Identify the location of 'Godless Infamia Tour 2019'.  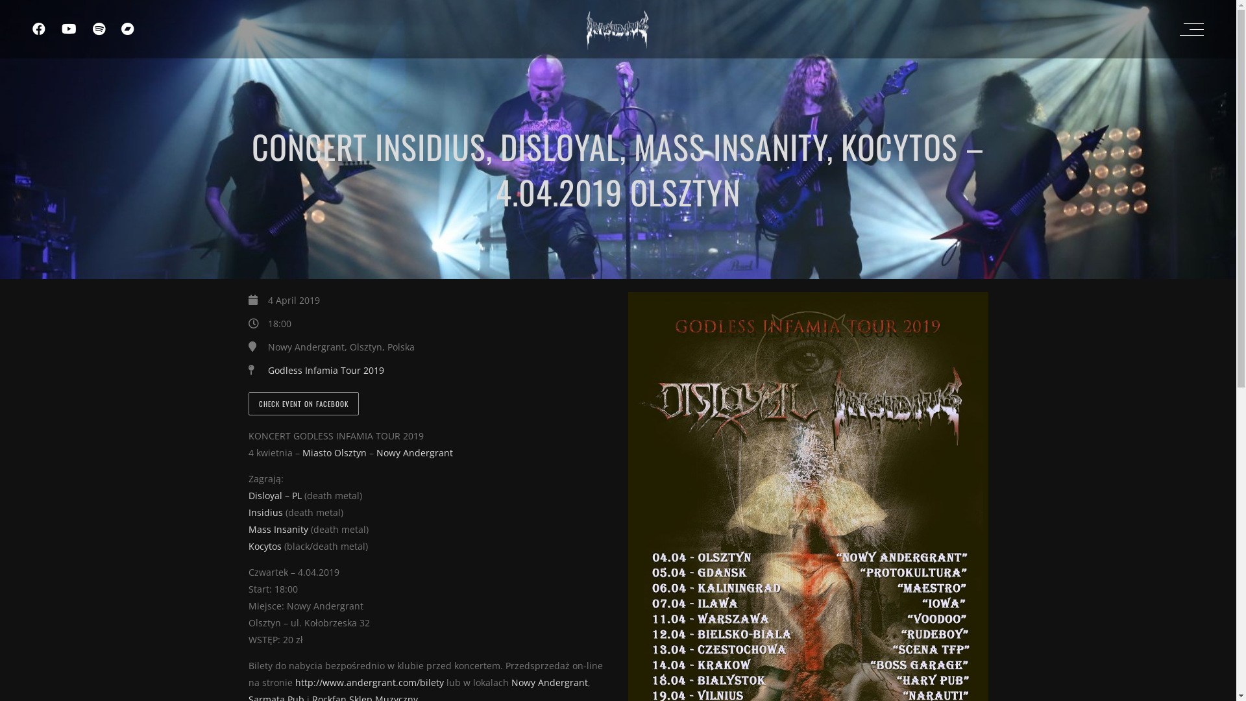
(325, 370).